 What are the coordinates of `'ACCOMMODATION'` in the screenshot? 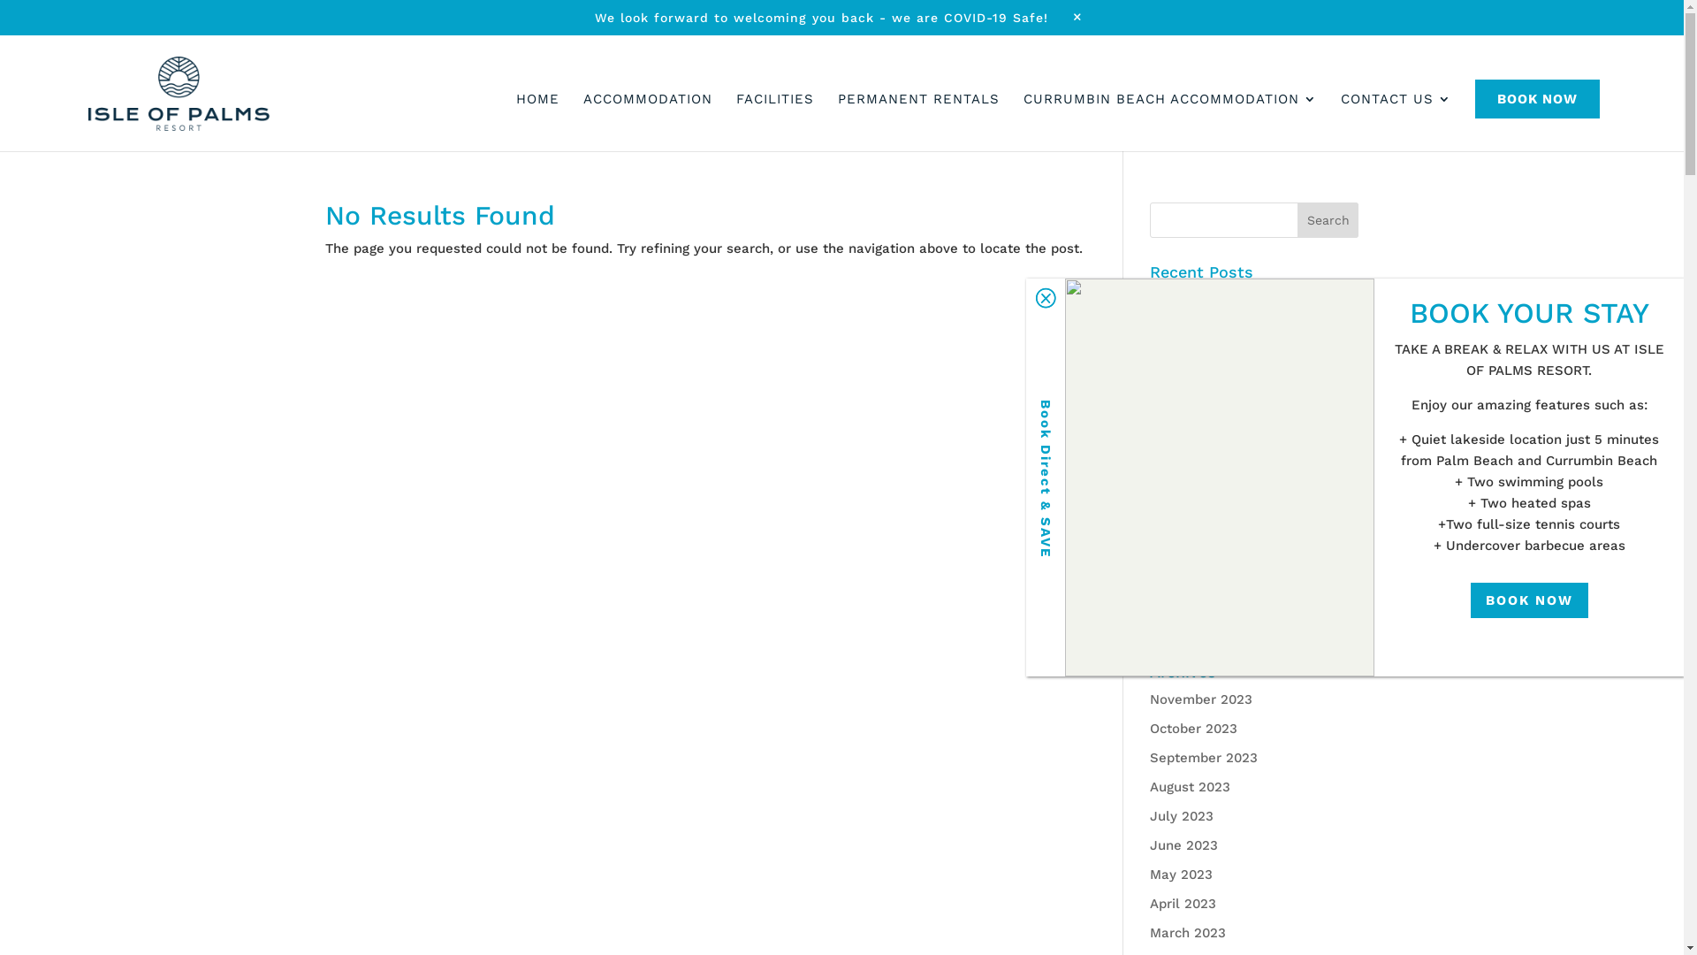 It's located at (647, 108).